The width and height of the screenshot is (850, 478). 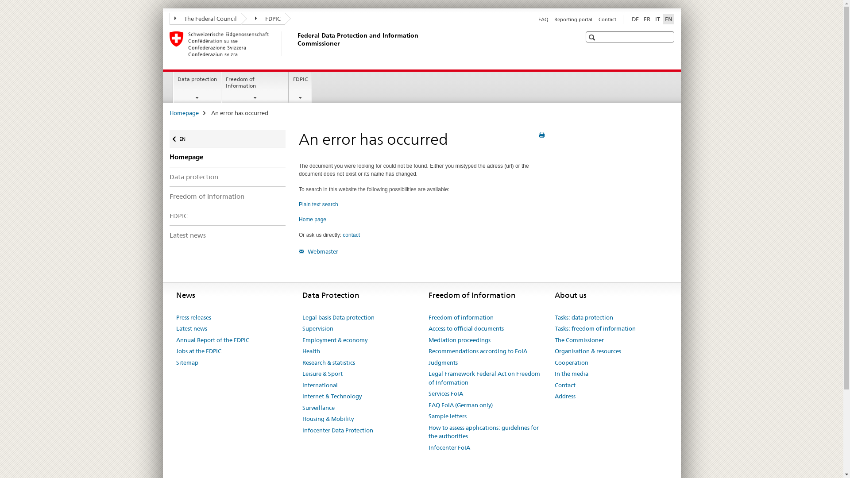 What do you see at coordinates (176, 339) in the screenshot?
I see `'Annual Report of the FDPIC'` at bounding box center [176, 339].